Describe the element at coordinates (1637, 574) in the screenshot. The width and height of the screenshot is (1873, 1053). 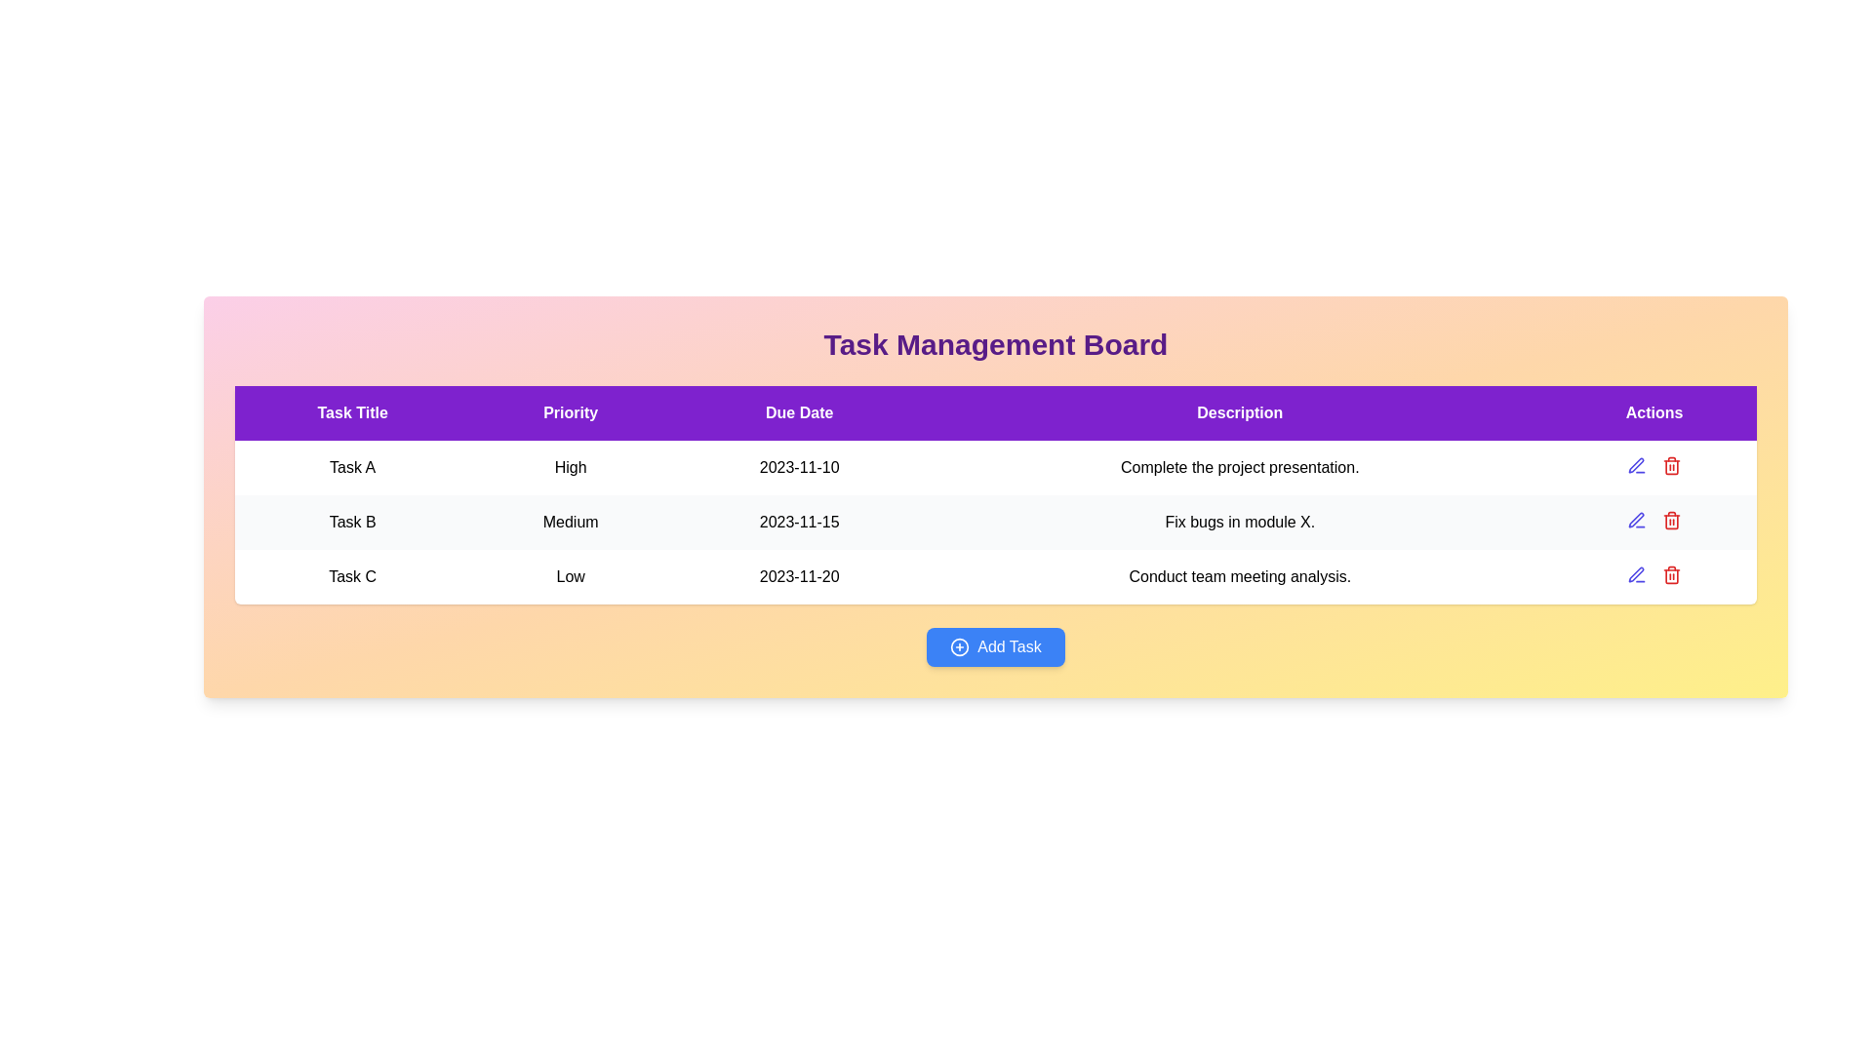
I see `the pen icon button, which is styled in indigo and indicates an editing action, located to the left of the red trash can icon in the 'Actions' column of the table row for Task B` at that location.